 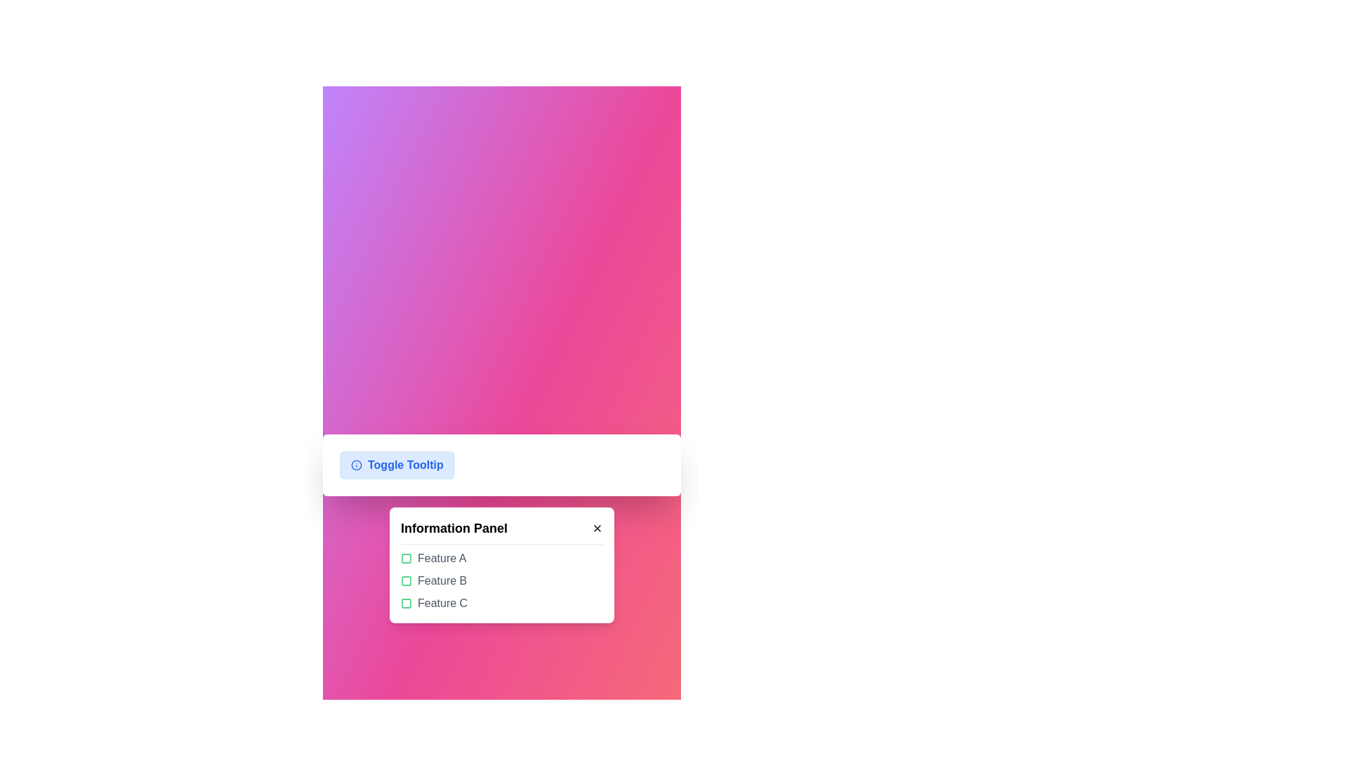 I want to click on the checkbox for 'Feature B' in the 'Information Panel' to provide visual feedback, so click(x=406, y=581).